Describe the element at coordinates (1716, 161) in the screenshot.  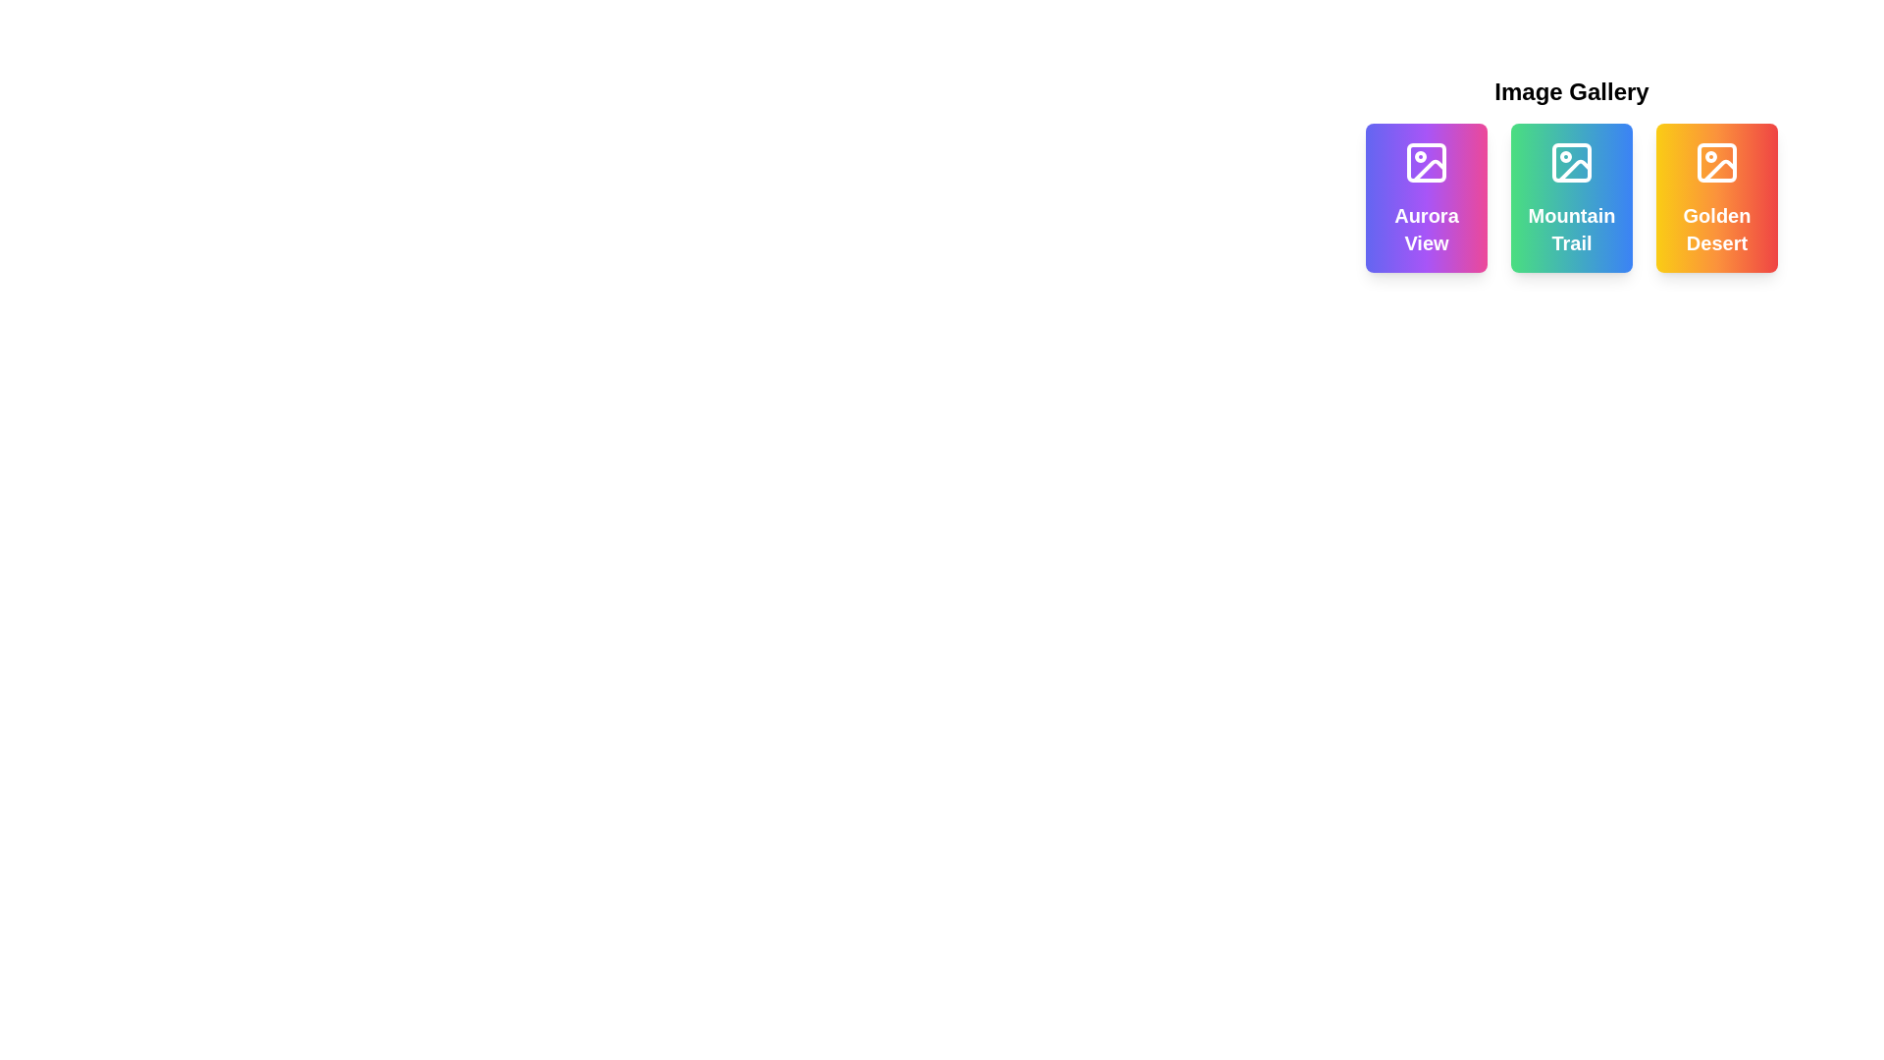
I see `the 'Golden Desert' icon` at that location.